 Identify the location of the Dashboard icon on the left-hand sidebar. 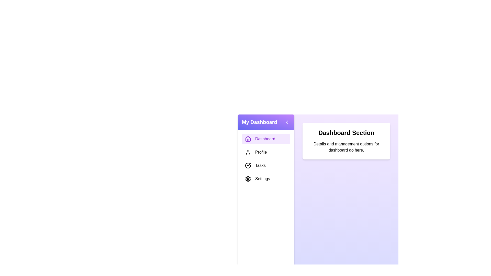
(248, 139).